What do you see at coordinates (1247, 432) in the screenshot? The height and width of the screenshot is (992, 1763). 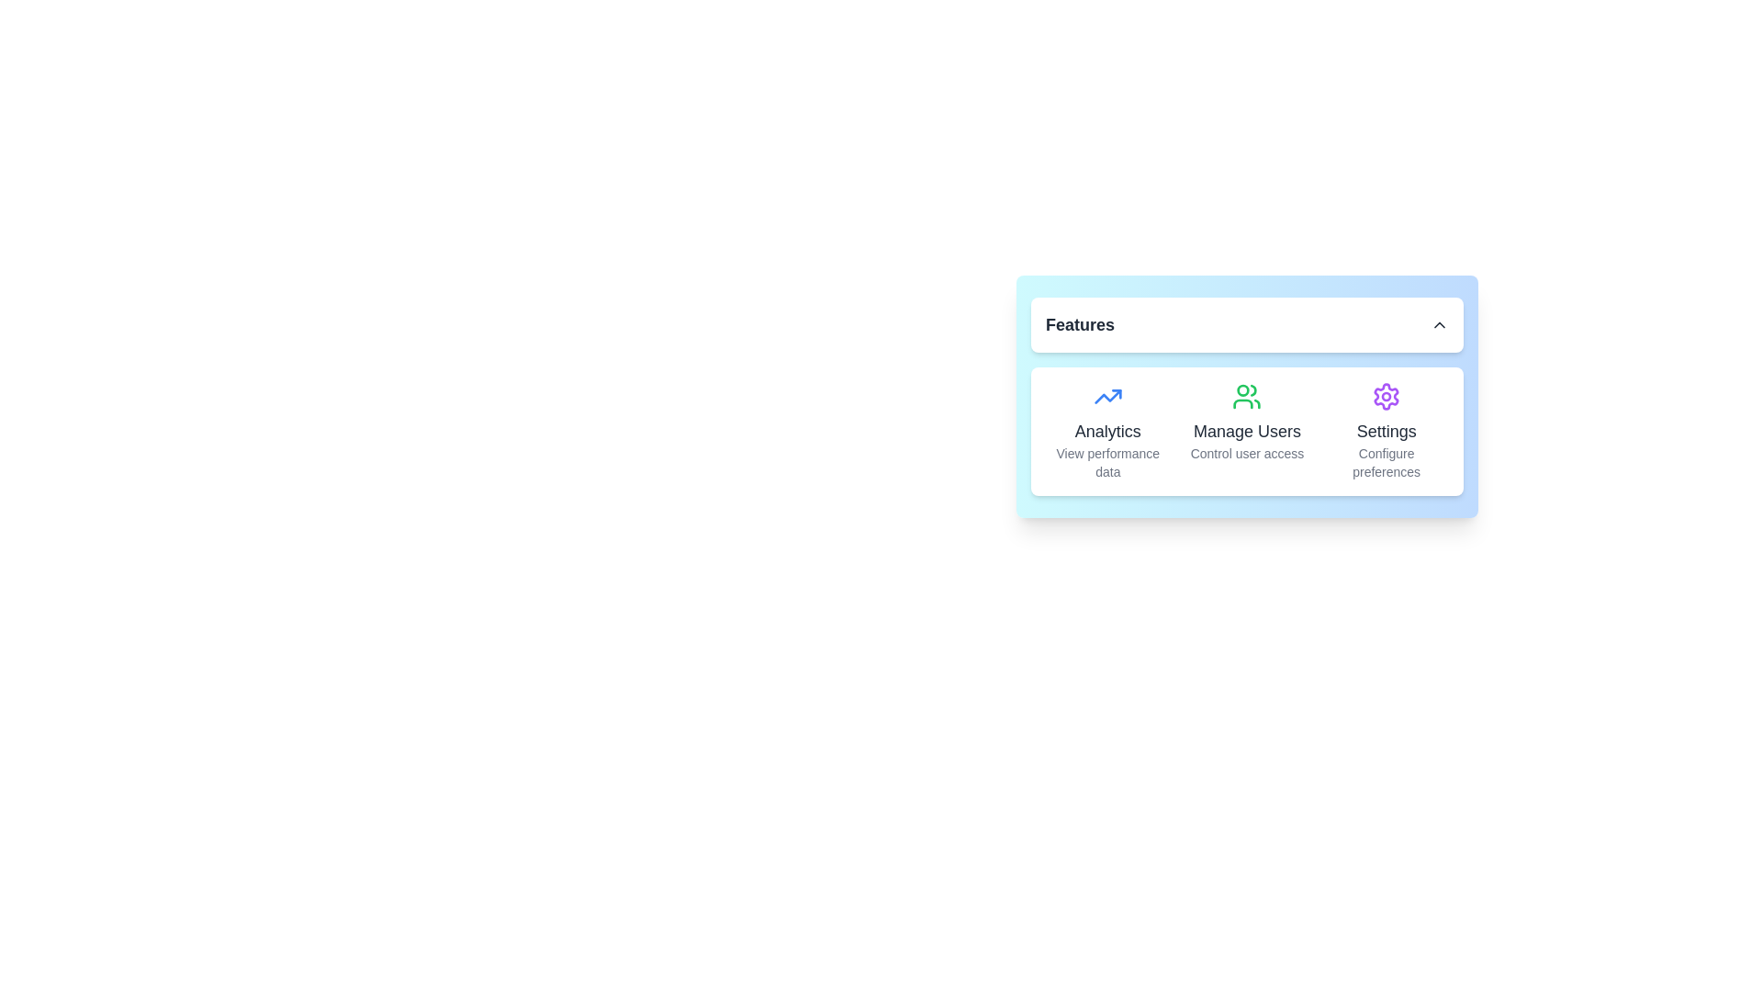 I see `the 'Manage Users' Navigation button located in the middle column of the features card` at bounding box center [1247, 432].